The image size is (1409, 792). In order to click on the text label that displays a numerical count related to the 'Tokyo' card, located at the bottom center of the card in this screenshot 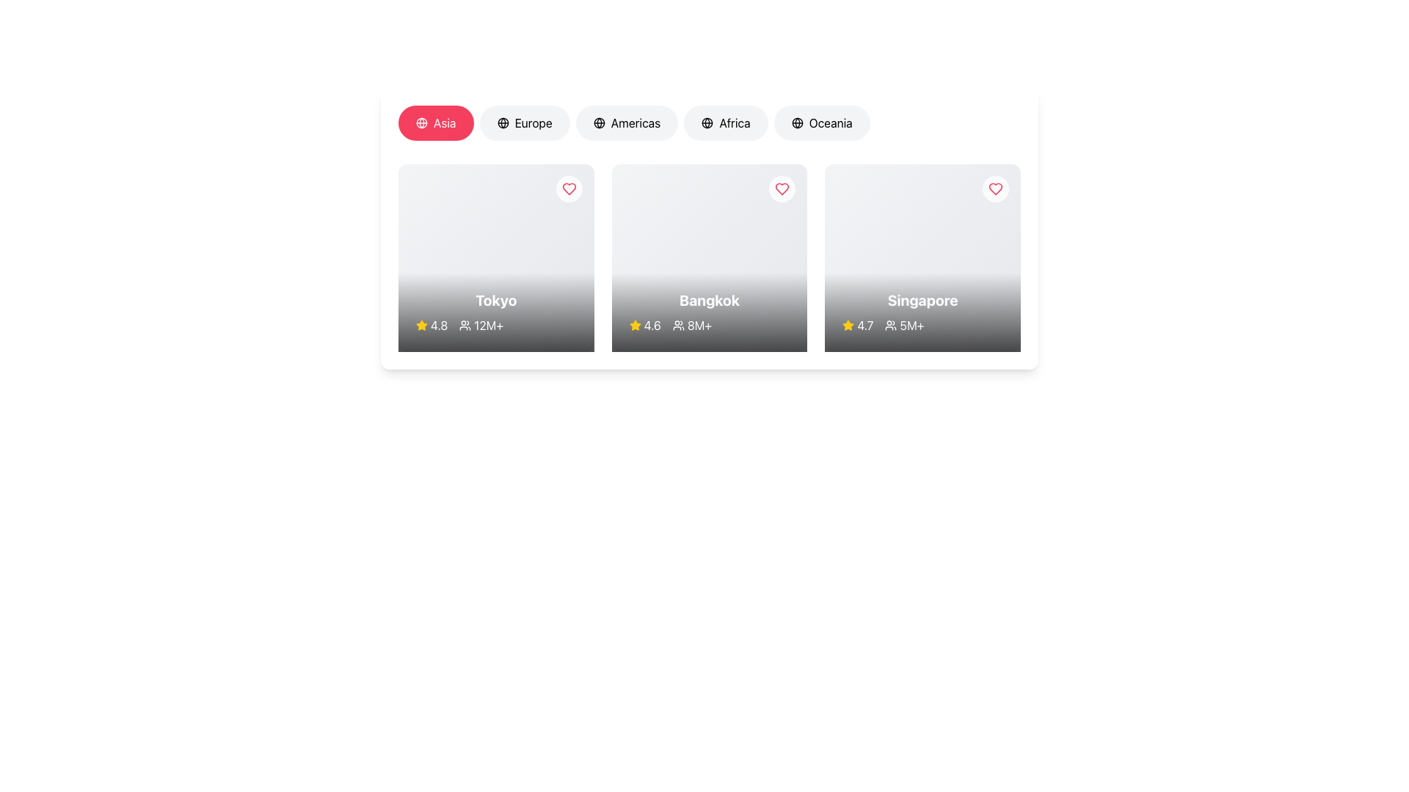, I will do `click(489, 324)`.